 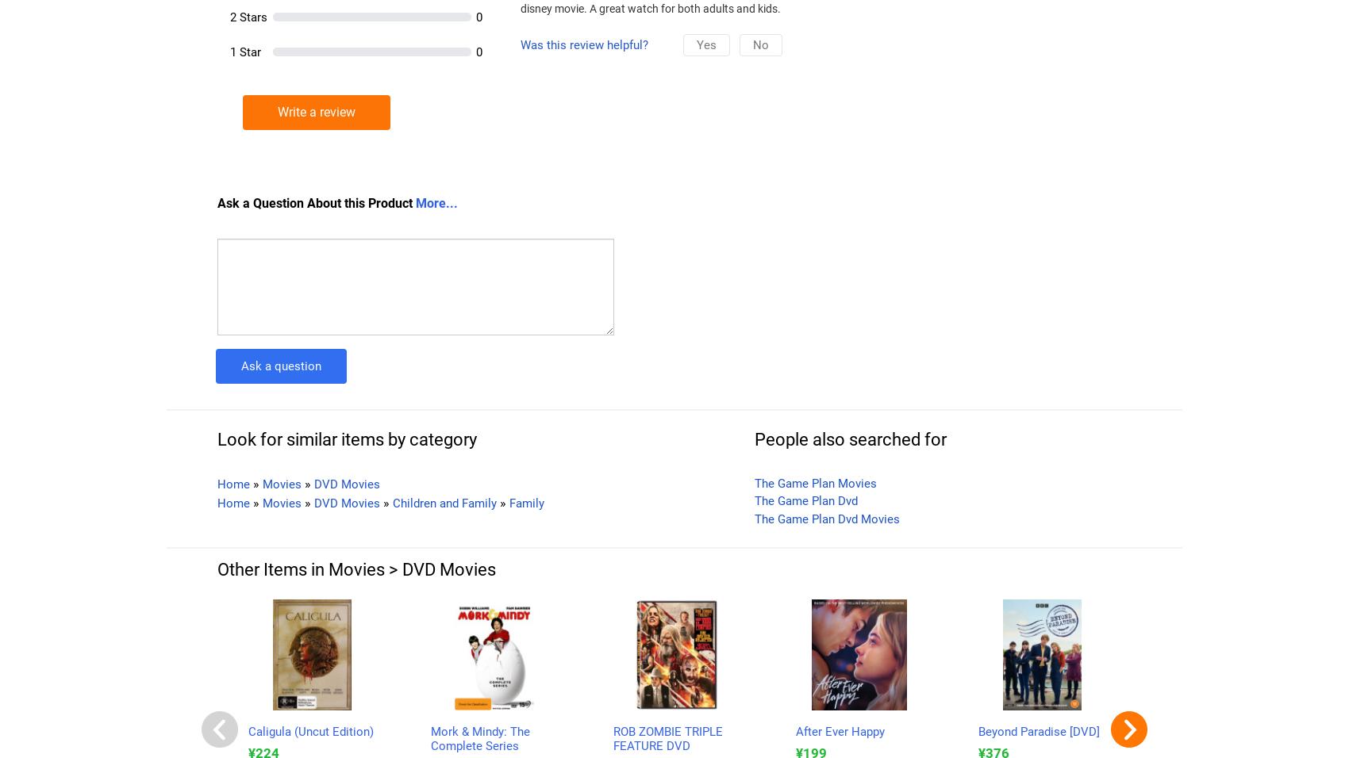 What do you see at coordinates (315, 202) in the screenshot?
I see `'Ask a Question About this Product'` at bounding box center [315, 202].